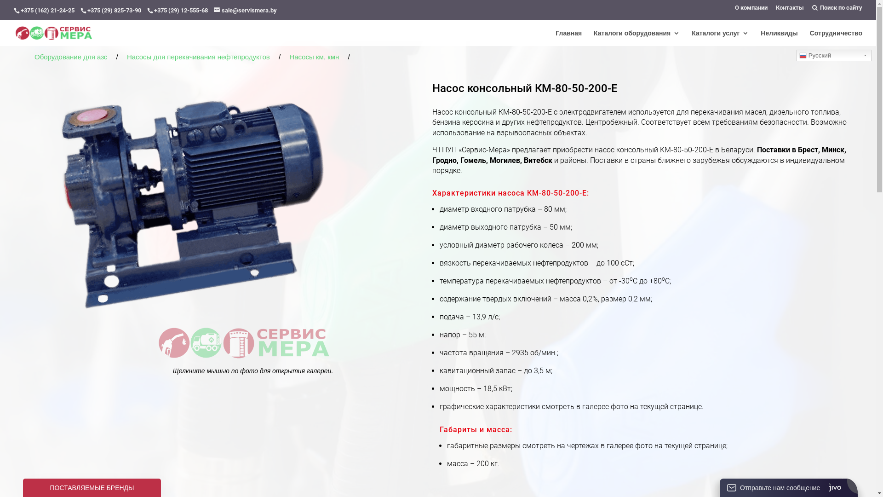  What do you see at coordinates (249, 10) in the screenshot?
I see `'sale@servismera.by'` at bounding box center [249, 10].